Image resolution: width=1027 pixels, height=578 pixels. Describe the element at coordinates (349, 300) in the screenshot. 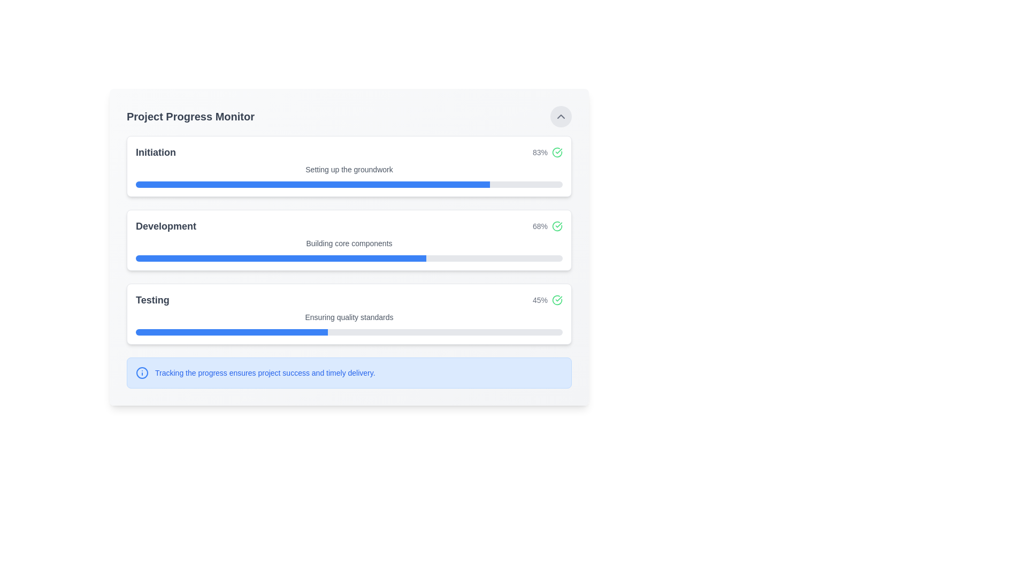

I see `the composite informational display element that indicates '45%' complete in the Testing phase, positioned between the Development and Tracking sections` at that location.